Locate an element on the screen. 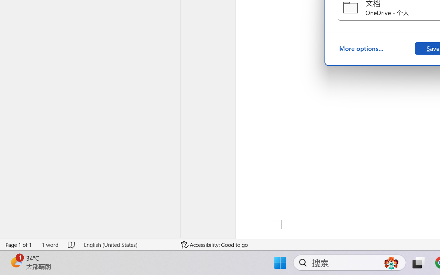  'Spelling and Grammar Check No Errors' is located at coordinates (72, 244).